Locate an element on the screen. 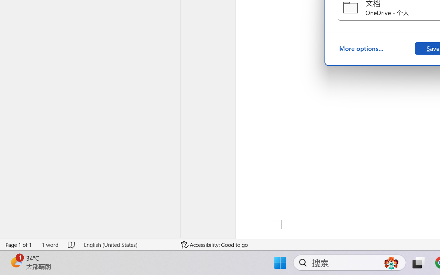  'Spelling and Grammar Check No Errors' is located at coordinates (72, 244).